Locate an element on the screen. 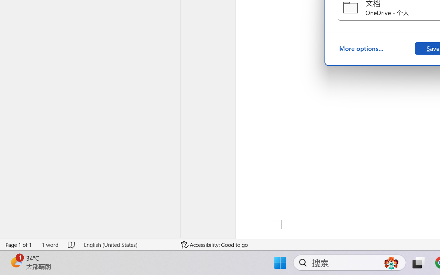  'Spelling and Grammar Check No Errors' is located at coordinates (72, 244).